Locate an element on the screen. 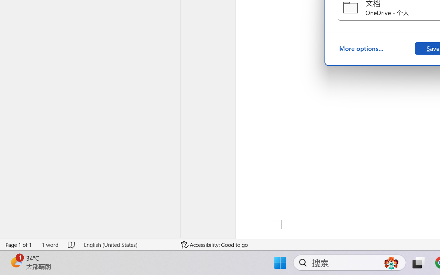  'Spelling and Grammar Check No Errors' is located at coordinates (72, 244).